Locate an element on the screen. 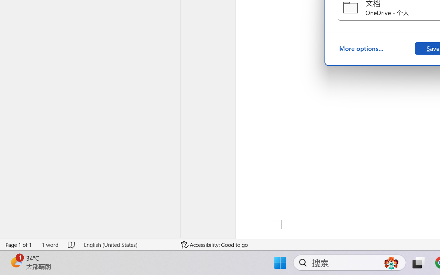  'Spelling and Grammar Check No Errors' is located at coordinates (72, 244).